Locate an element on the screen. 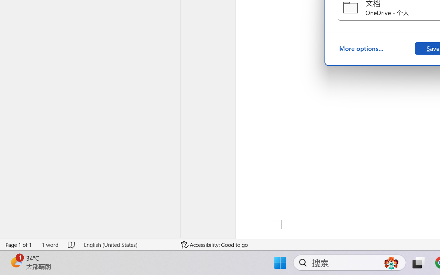  'Spelling and Grammar Check No Errors' is located at coordinates (72, 244).